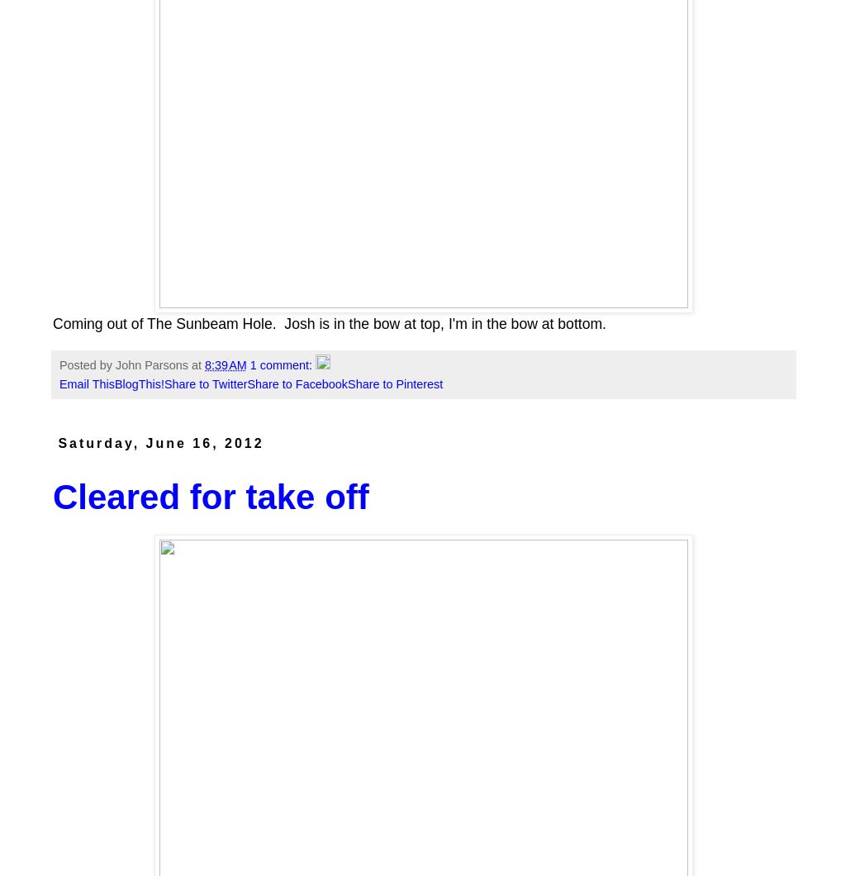 The width and height of the screenshot is (841, 876). What do you see at coordinates (85, 383) in the screenshot?
I see `'Email This'` at bounding box center [85, 383].